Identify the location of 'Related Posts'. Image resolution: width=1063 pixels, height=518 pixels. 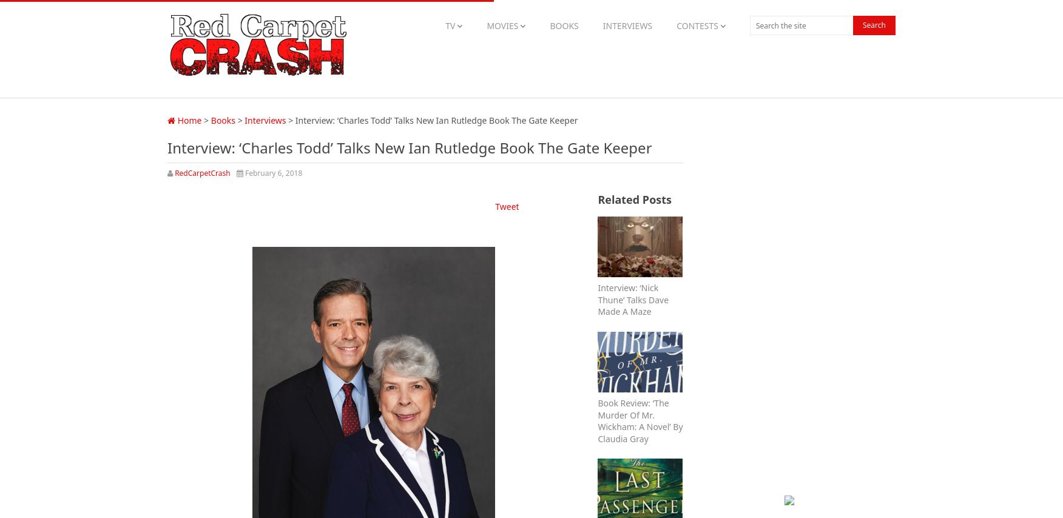
(634, 198).